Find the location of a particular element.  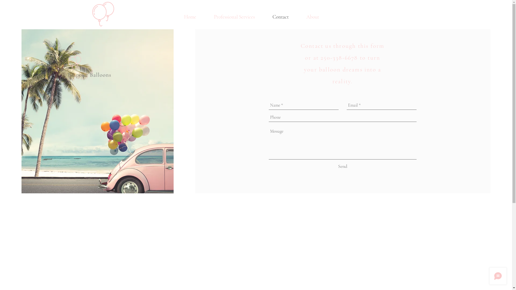

'Home' is located at coordinates (175, 16).